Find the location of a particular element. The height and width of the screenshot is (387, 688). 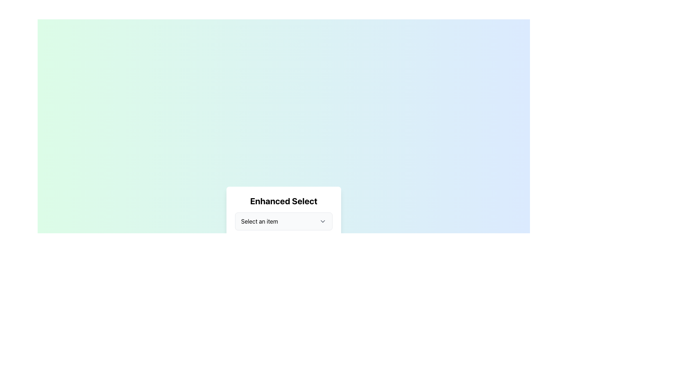

the dropdown indicator icon located on the right side of the 'Select an item' text is located at coordinates (322, 221).